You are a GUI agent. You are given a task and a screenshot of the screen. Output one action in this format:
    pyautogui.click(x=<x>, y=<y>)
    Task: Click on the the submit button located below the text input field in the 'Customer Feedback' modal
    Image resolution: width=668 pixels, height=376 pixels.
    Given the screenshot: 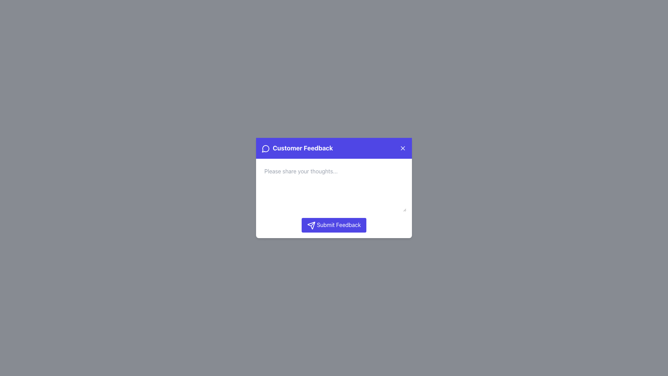 What is the action you would take?
    pyautogui.click(x=334, y=225)
    